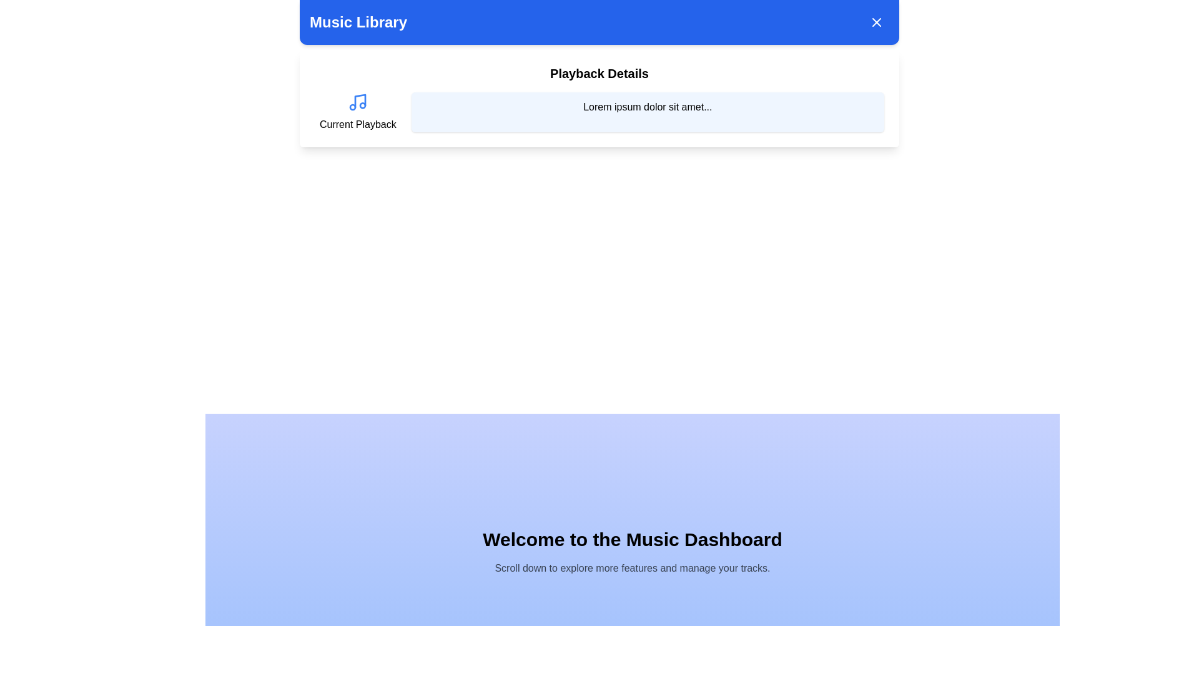 The width and height of the screenshot is (1199, 674). Describe the element at coordinates (876, 22) in the screenshot. I see `the close or dismiss action icon located at the top-right corner of the 'Music Library' header section` at that location.